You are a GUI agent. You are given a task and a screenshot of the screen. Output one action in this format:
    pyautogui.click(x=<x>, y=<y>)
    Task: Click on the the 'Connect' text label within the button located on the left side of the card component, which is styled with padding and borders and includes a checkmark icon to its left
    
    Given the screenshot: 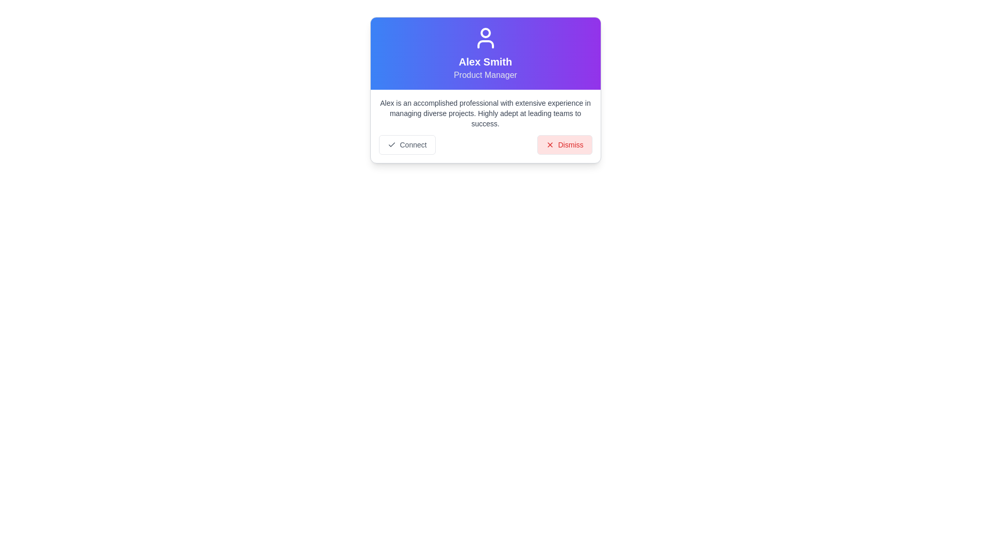 What is the action you would take?
    pyautogui.click(x=413, y=145)
    